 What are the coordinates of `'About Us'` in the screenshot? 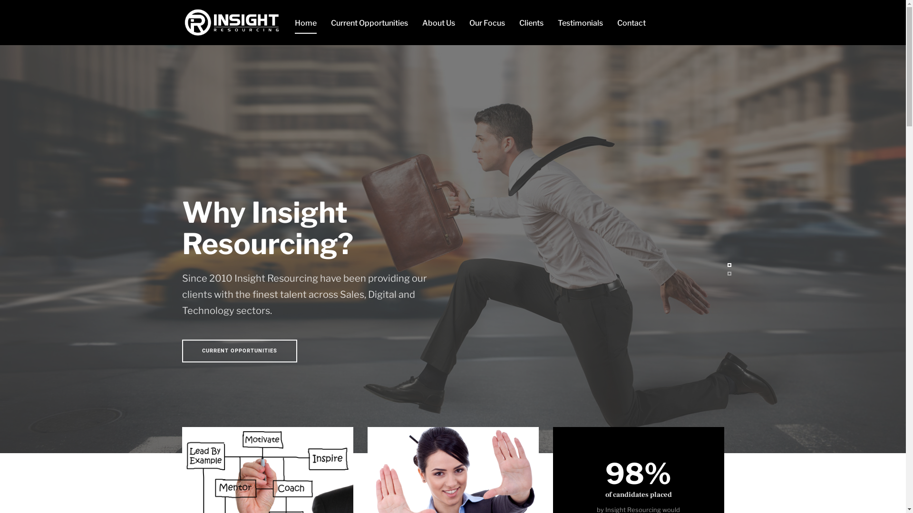 It's located at (438, 22).